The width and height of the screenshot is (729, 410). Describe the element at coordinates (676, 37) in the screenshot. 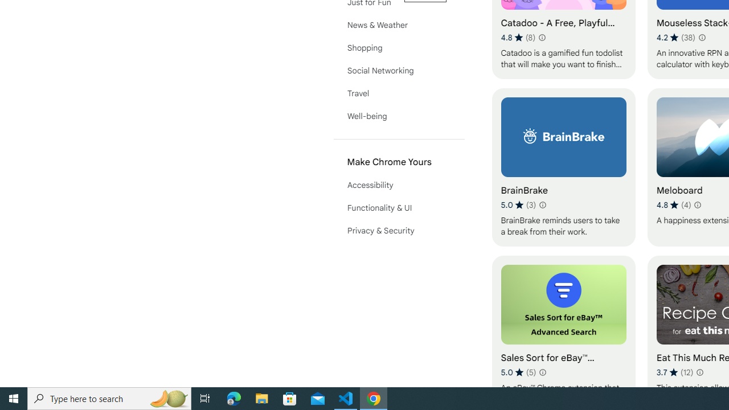

I see `'Average rating 4.2 out of 5 stars. 38 ratings.'` at that location.